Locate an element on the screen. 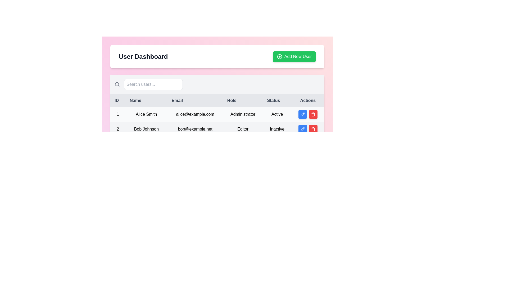 Image resolution: width=508 pixels, height=286 pixels. the 'Active' label in the fifth column of the first row of the user table, which displays bold, black text on a white background is located at coordinates (277, 114).